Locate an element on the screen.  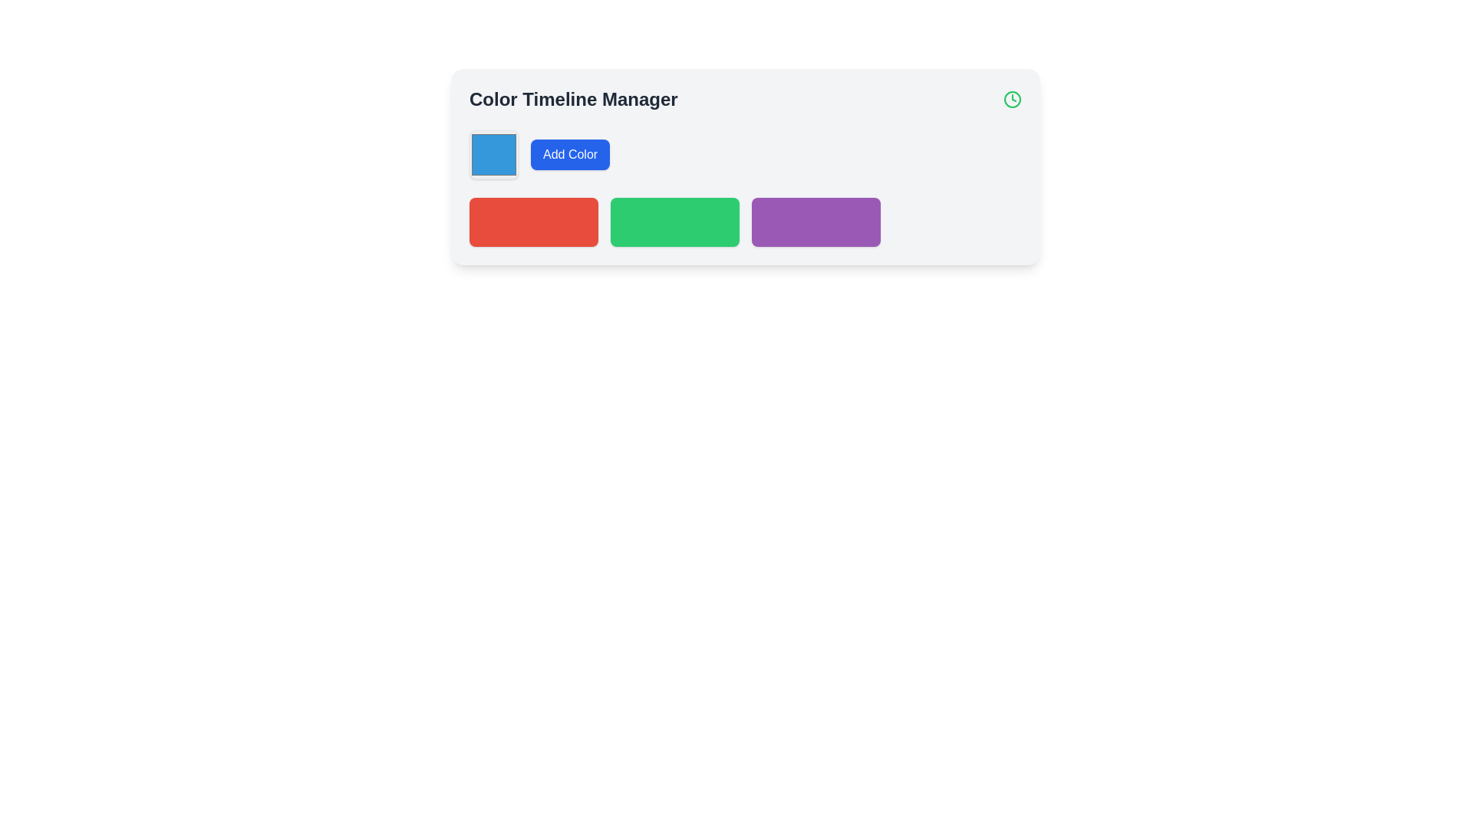
the SVG circle component located in the top-right corner of the interface, which is part of the green clock icon design is located at coordinates (1013, 100).